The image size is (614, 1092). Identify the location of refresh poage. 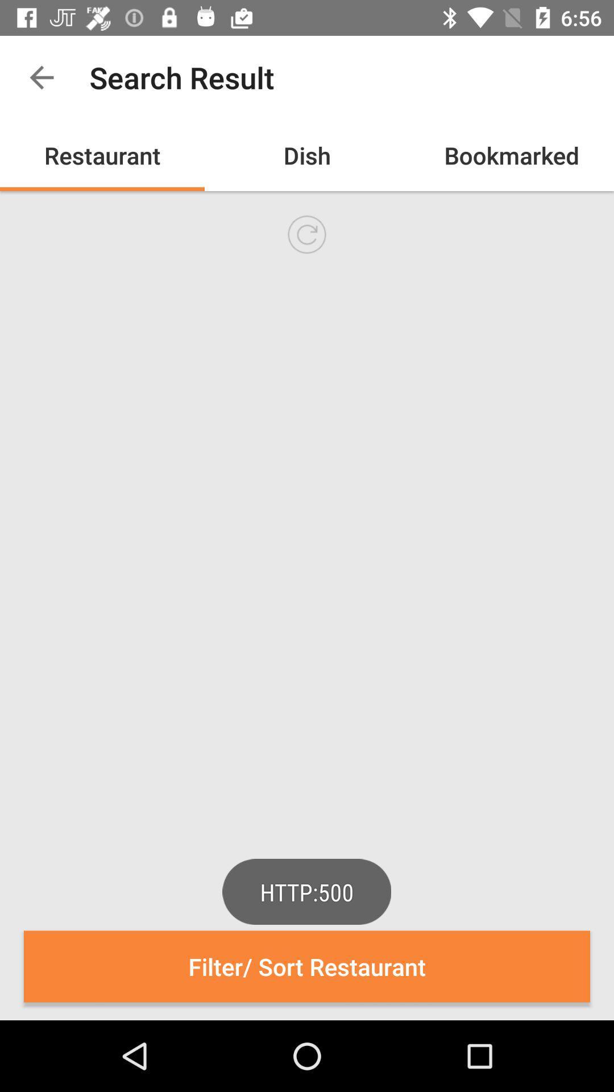
(307, 234).